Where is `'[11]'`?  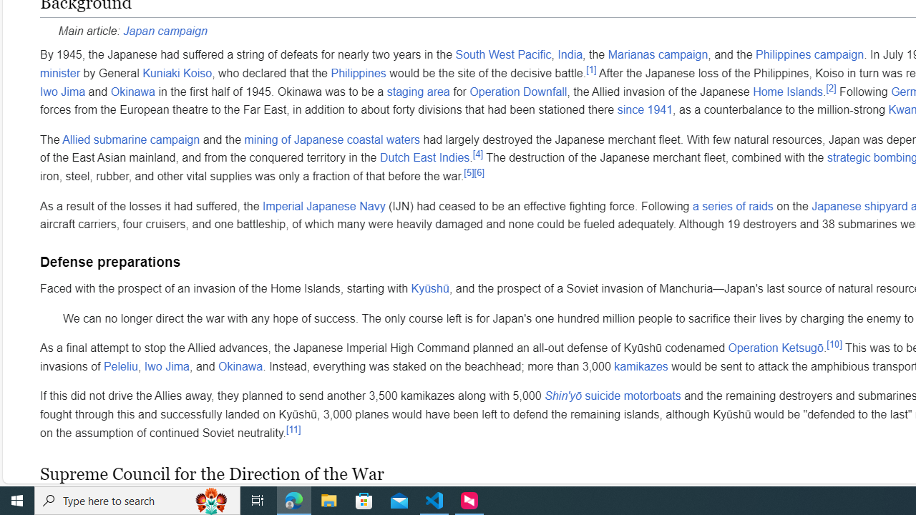 '[11]' is located at coordinates (293, 428).